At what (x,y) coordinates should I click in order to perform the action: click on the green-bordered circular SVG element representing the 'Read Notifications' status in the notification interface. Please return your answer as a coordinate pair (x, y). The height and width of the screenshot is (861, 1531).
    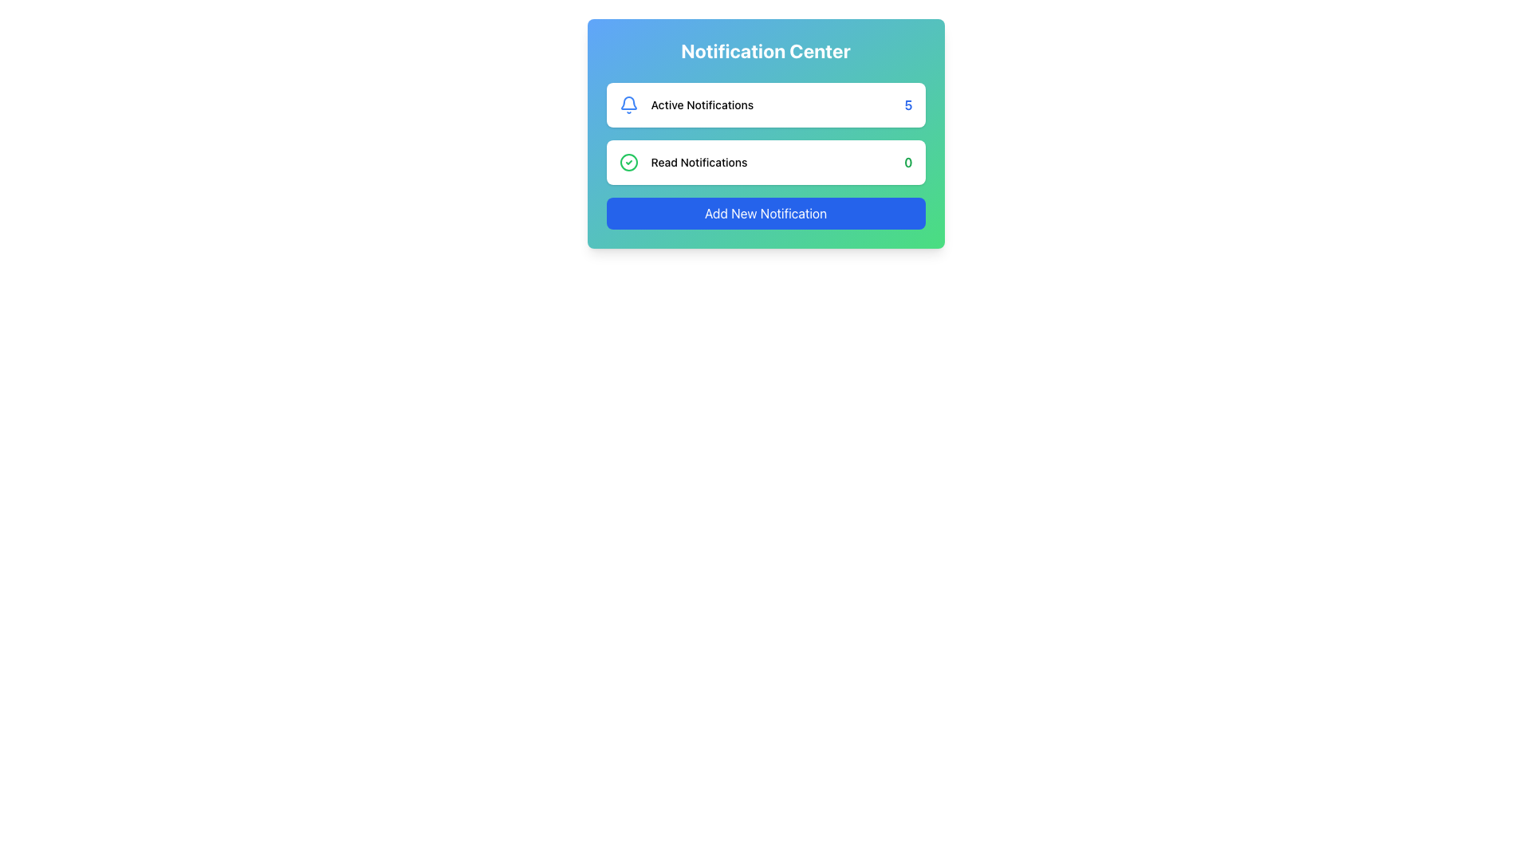
    Looking at the image, I should click on (628, 163).